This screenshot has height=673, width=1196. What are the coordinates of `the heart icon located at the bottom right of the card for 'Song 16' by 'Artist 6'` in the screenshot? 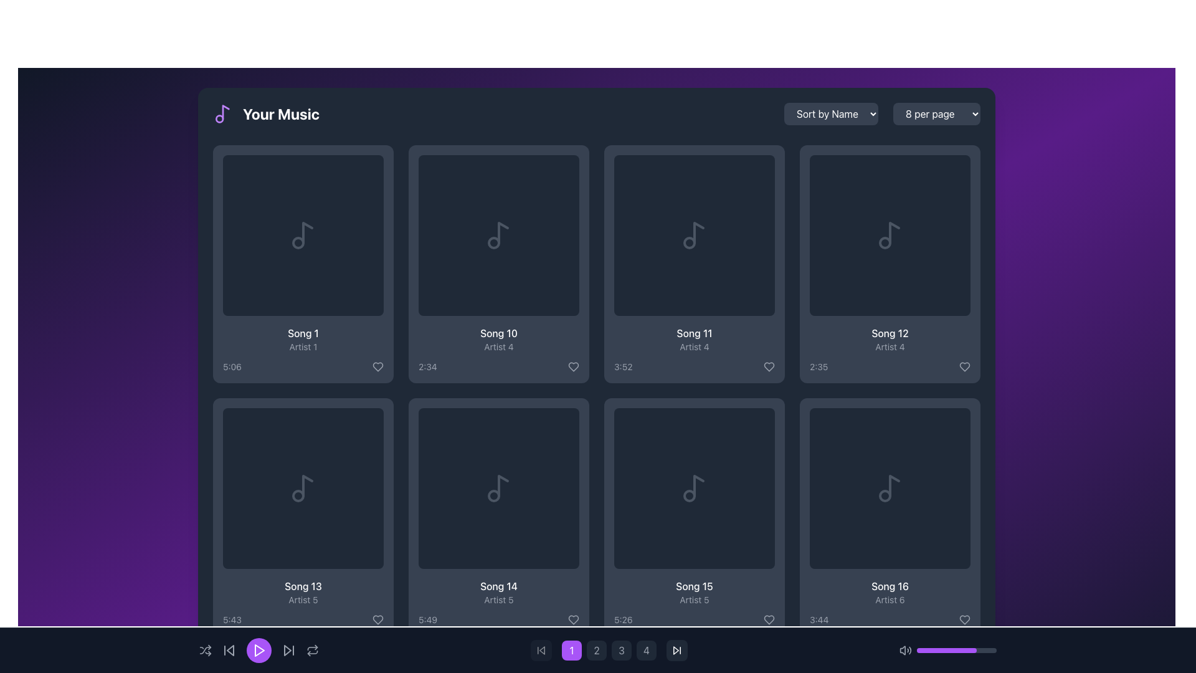 It's located at (964, 620).